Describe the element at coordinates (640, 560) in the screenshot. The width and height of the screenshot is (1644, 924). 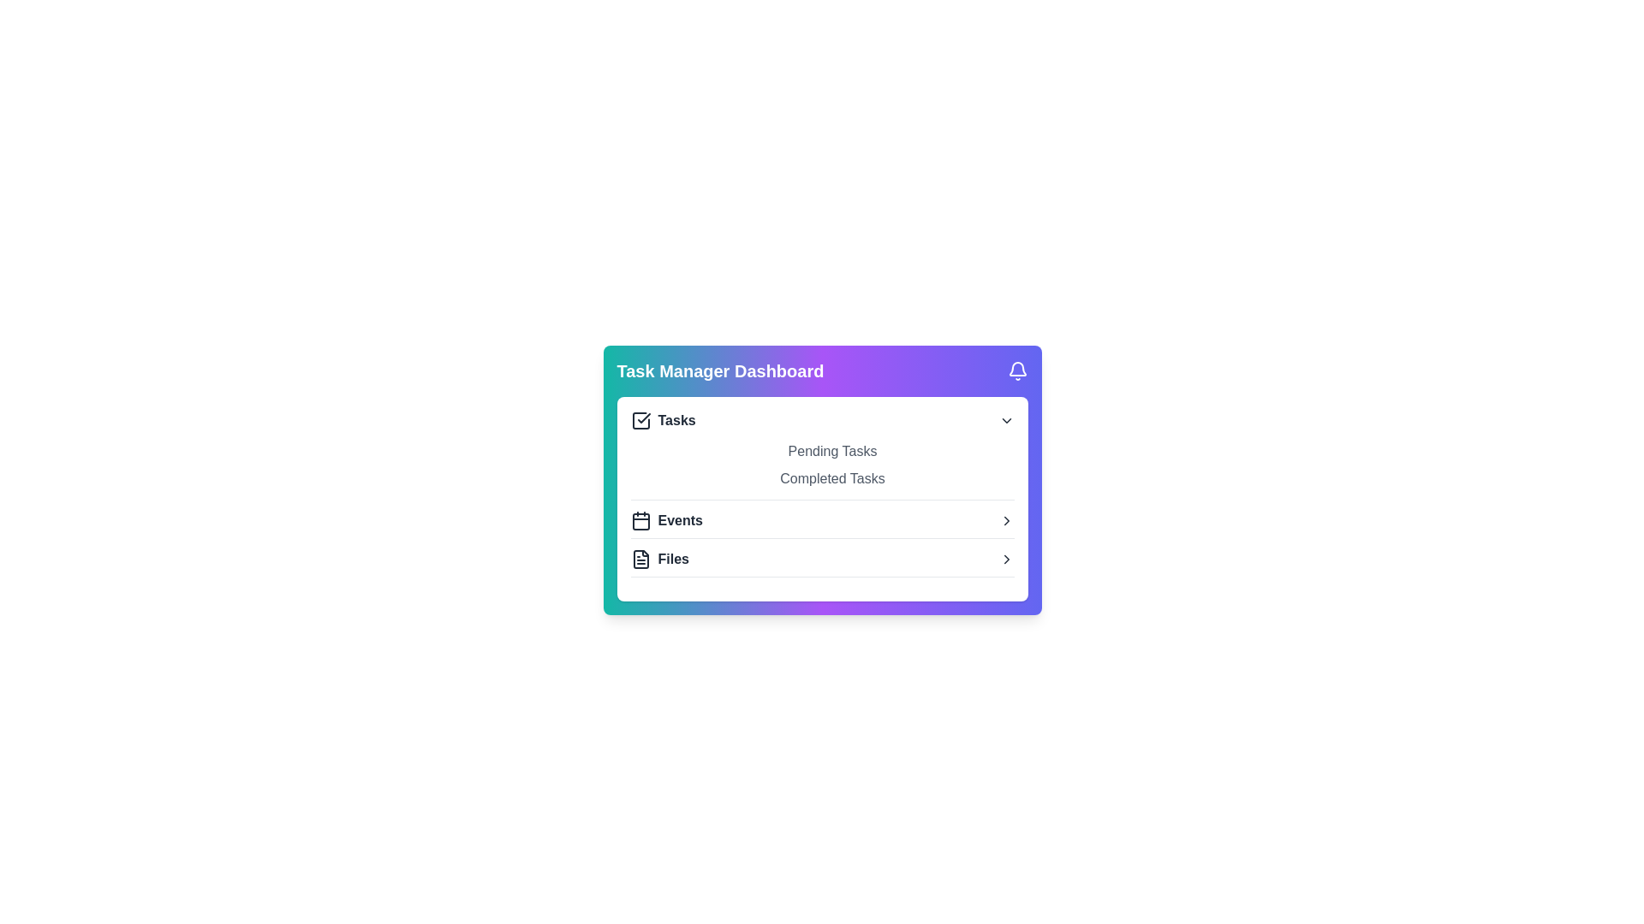
I see `the minimalist line art document icon located in the third list item row labeled 'Files', positioned to the left of the text 'Files'` at that location.